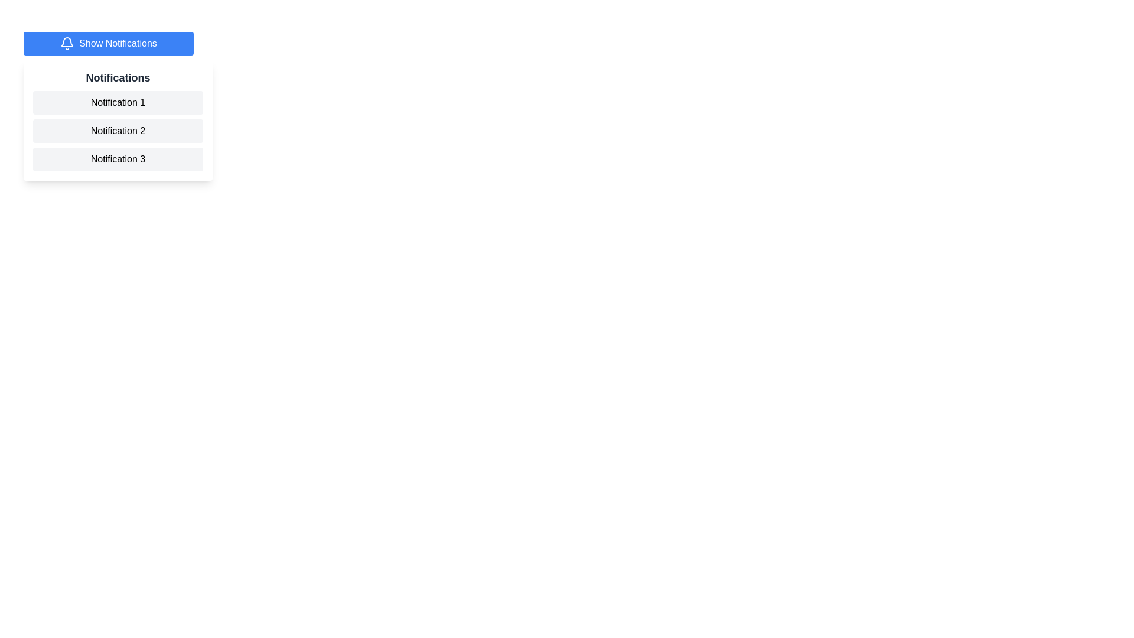  Describe the element at coordinates (118, 131) in the screenshot. I see `the second notification item in the notification section, which is positioned directly below 'Notification 1' and above 'Notification 3'` at that location.